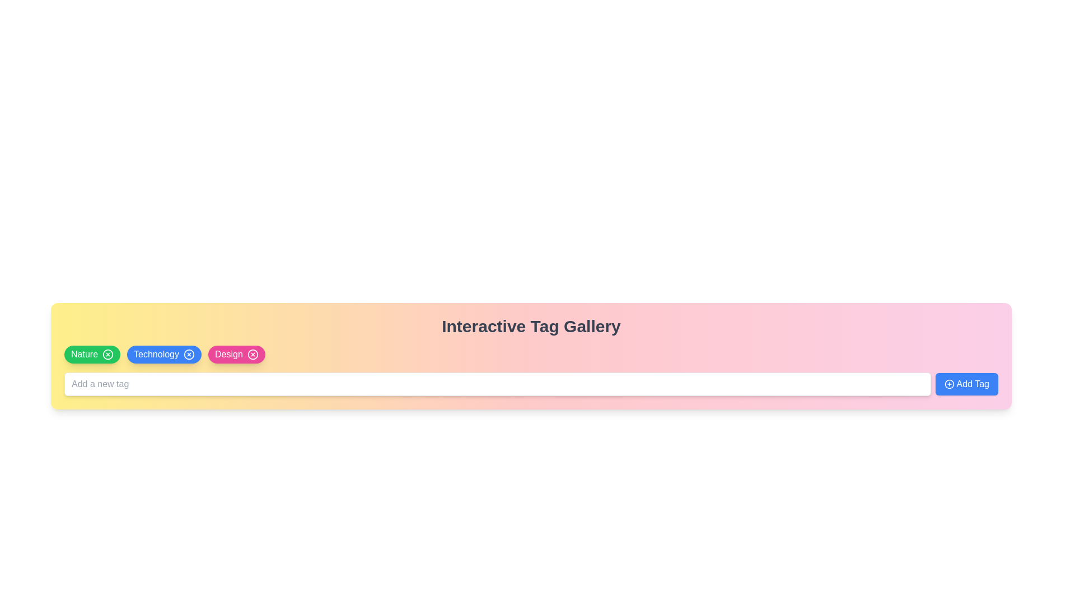 Image resolution: width=1075 pixels, height=605 pixels. Describe the element at coordinates (84, 354) in the screenshot. I see `the 'Nature' text label displayed in a white font on a green rounded background, which is the first tag in the list of tags under the title 'Interactive Tag Gallery'` at that location.